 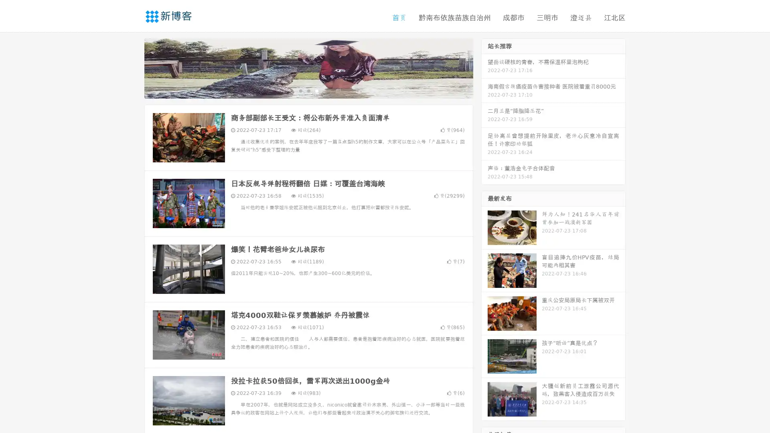 I want to click on Next slide, so click(x=484, y=67).